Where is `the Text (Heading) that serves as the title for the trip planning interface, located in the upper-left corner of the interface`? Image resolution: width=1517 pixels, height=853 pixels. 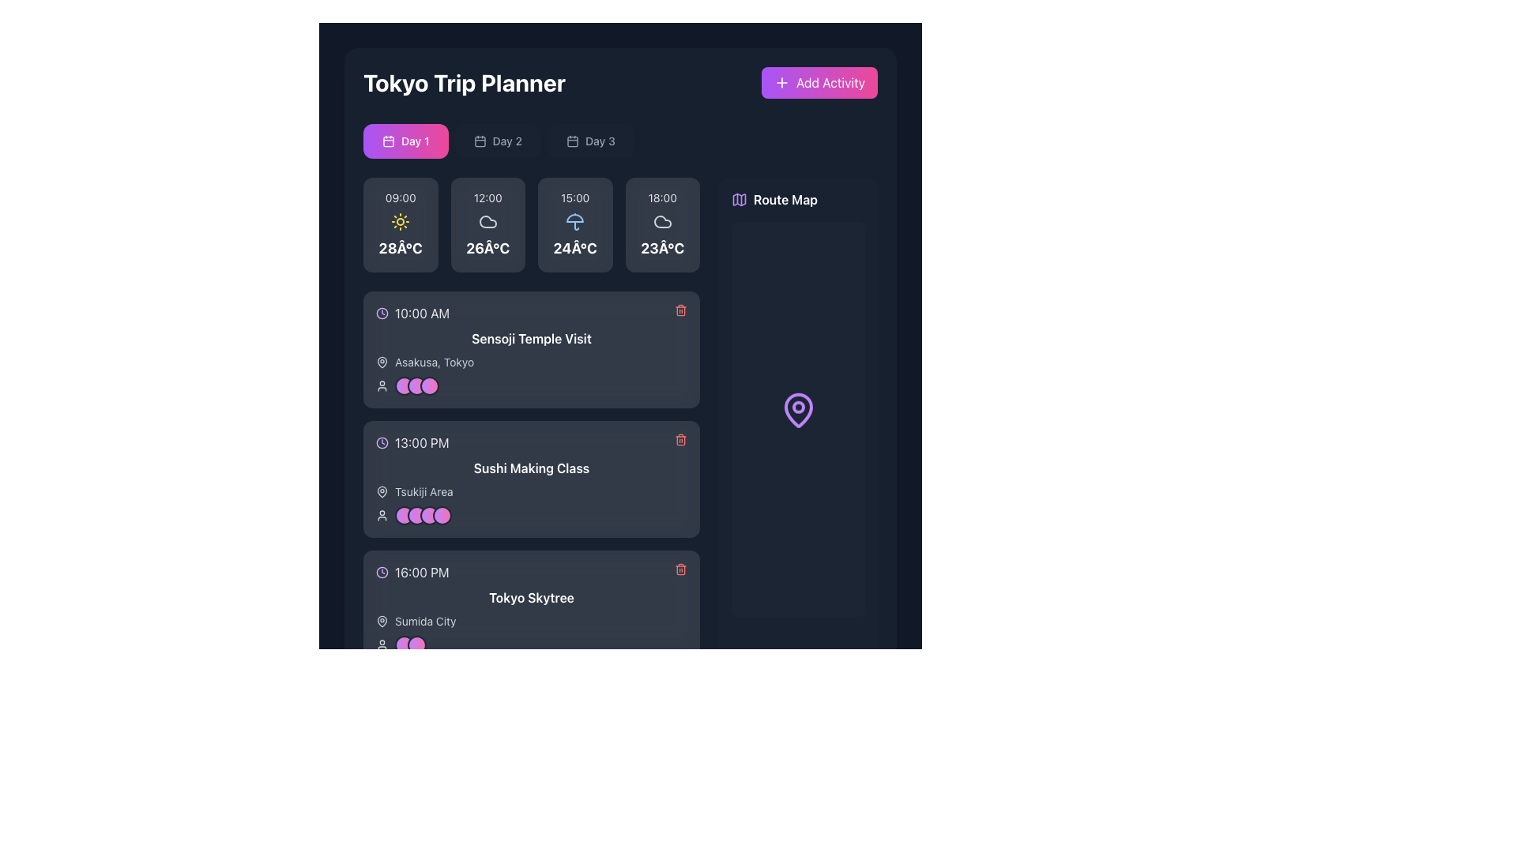 the Text (Heading) that serves as the title for the trip planning interface, located in the upper-left corner of the interface is located at coordinates (464, 82).